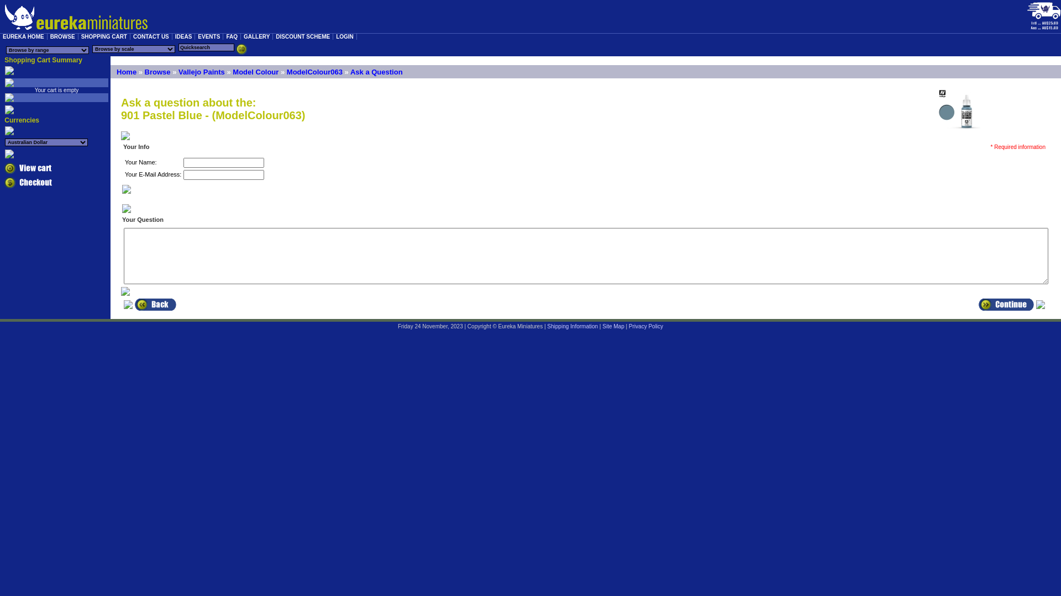 This screenshot has height=596, width=1061. Describe the element at coordinates (130, 36) in the screenshot. I see `'CONTACT US'` at that location.